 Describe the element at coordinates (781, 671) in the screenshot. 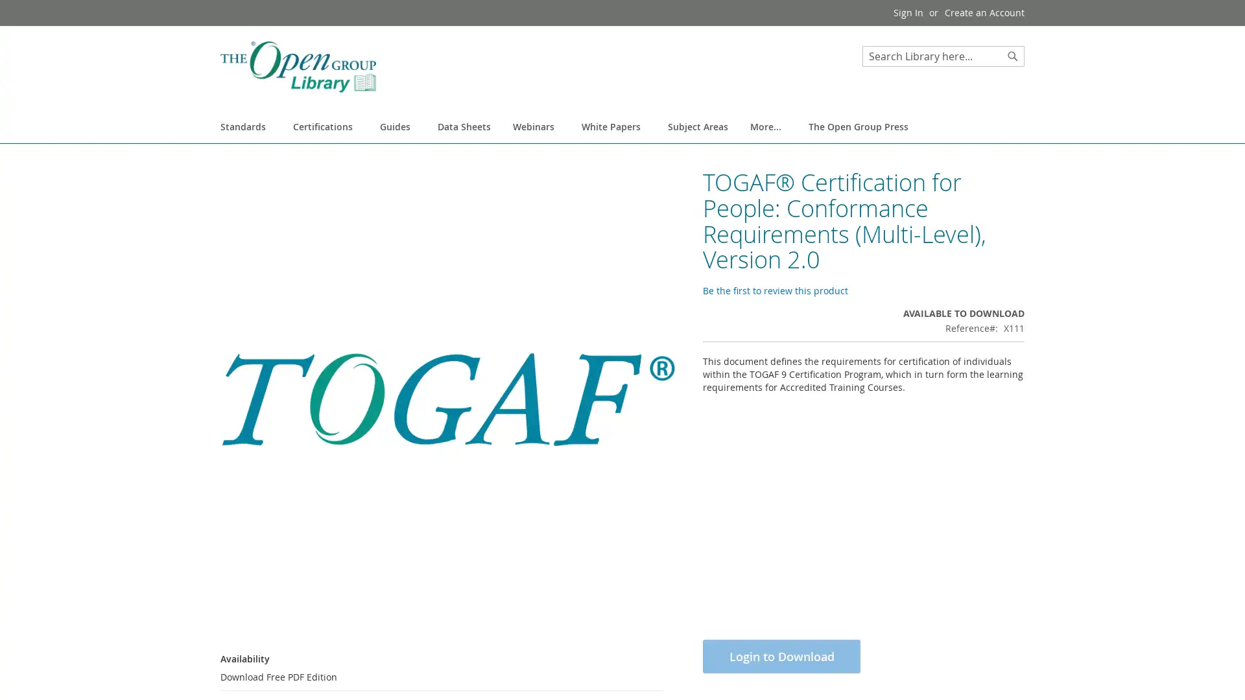

I see `Login to Download` at that location.